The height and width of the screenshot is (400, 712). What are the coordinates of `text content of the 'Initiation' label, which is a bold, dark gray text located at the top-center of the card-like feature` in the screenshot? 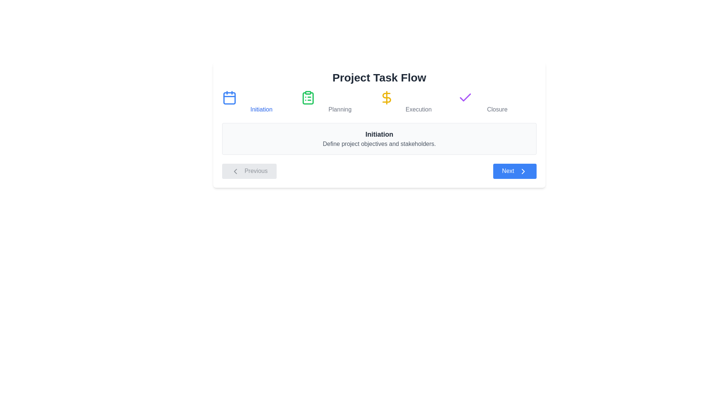 It's located at (379, 134).